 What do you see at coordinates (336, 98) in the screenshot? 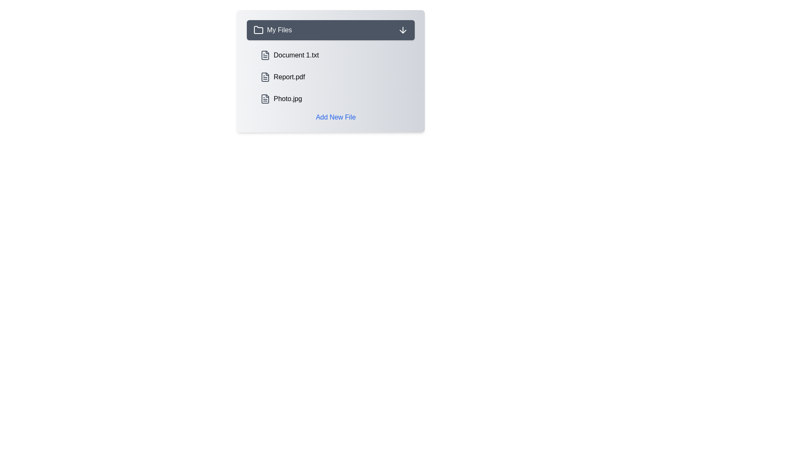
I see `the file named Photo.jpg to highlight it` at bounding box center [336, 98].